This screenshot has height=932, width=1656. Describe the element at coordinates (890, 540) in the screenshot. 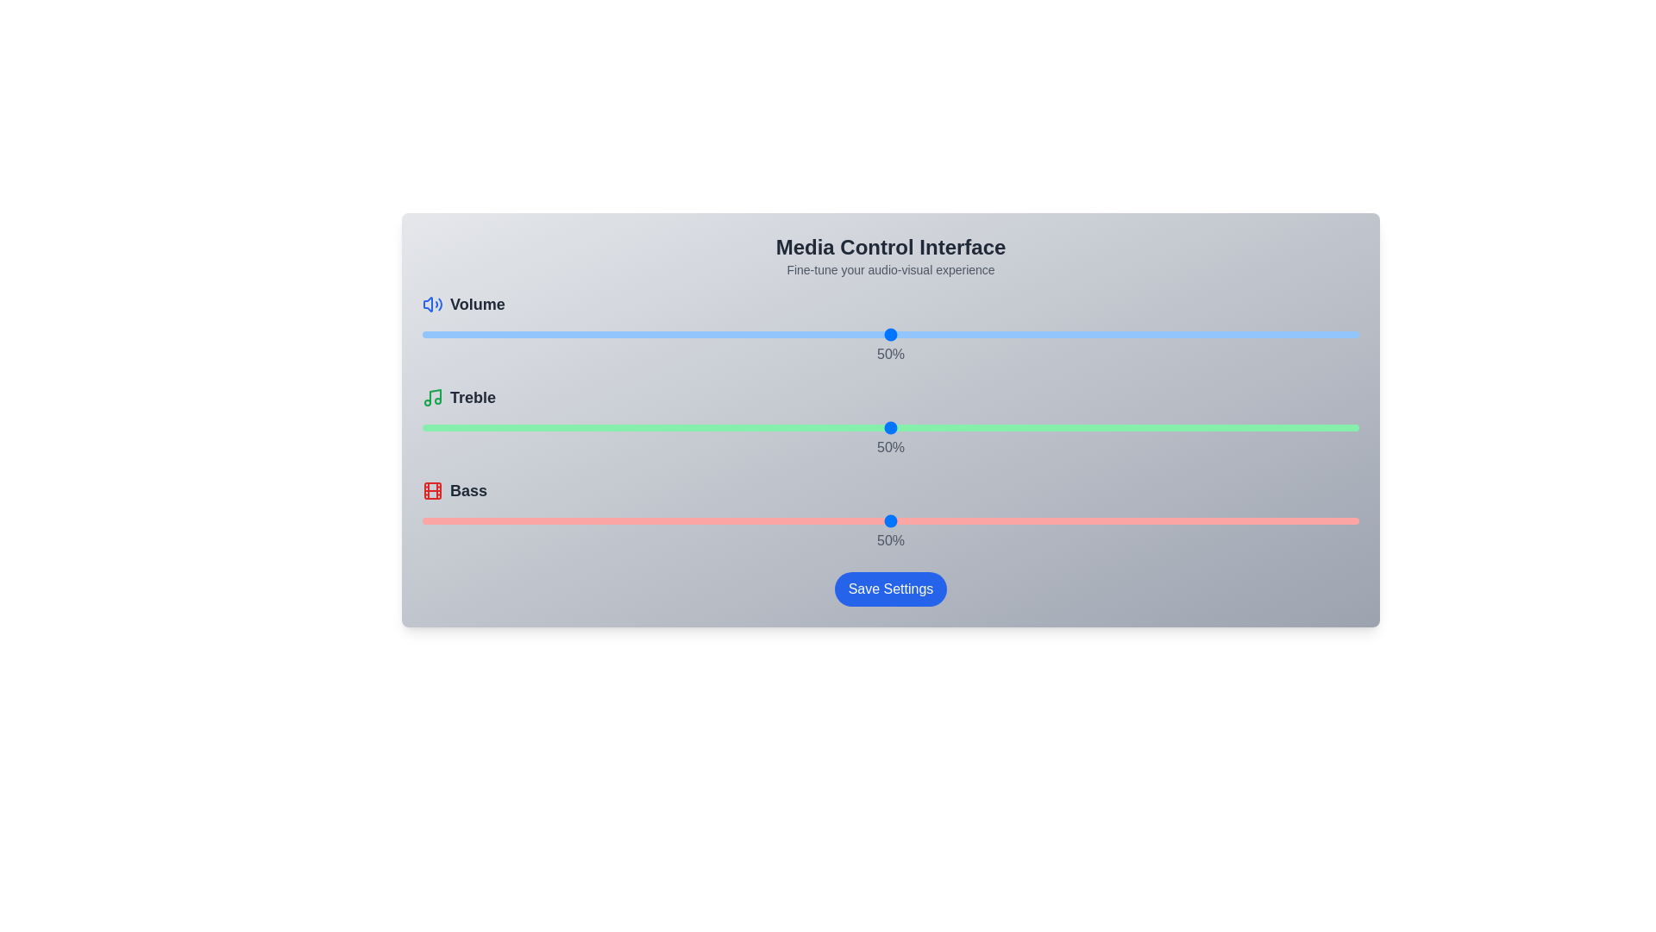

I see `the static label displaying '50%' for the Bass setting, which is located beneath the slider and above the 'Save Settings' button` at that location.